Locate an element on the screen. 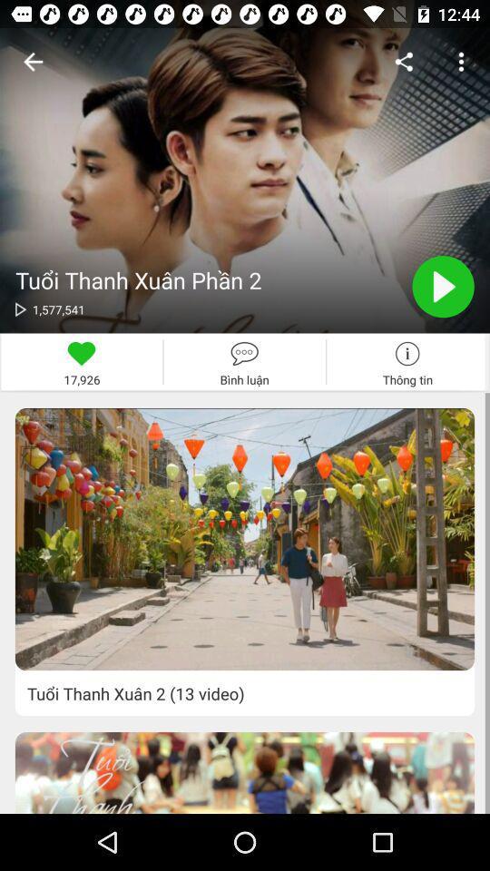  the three dots button on the top right corner of the web page is located at coordinates (461, 62).